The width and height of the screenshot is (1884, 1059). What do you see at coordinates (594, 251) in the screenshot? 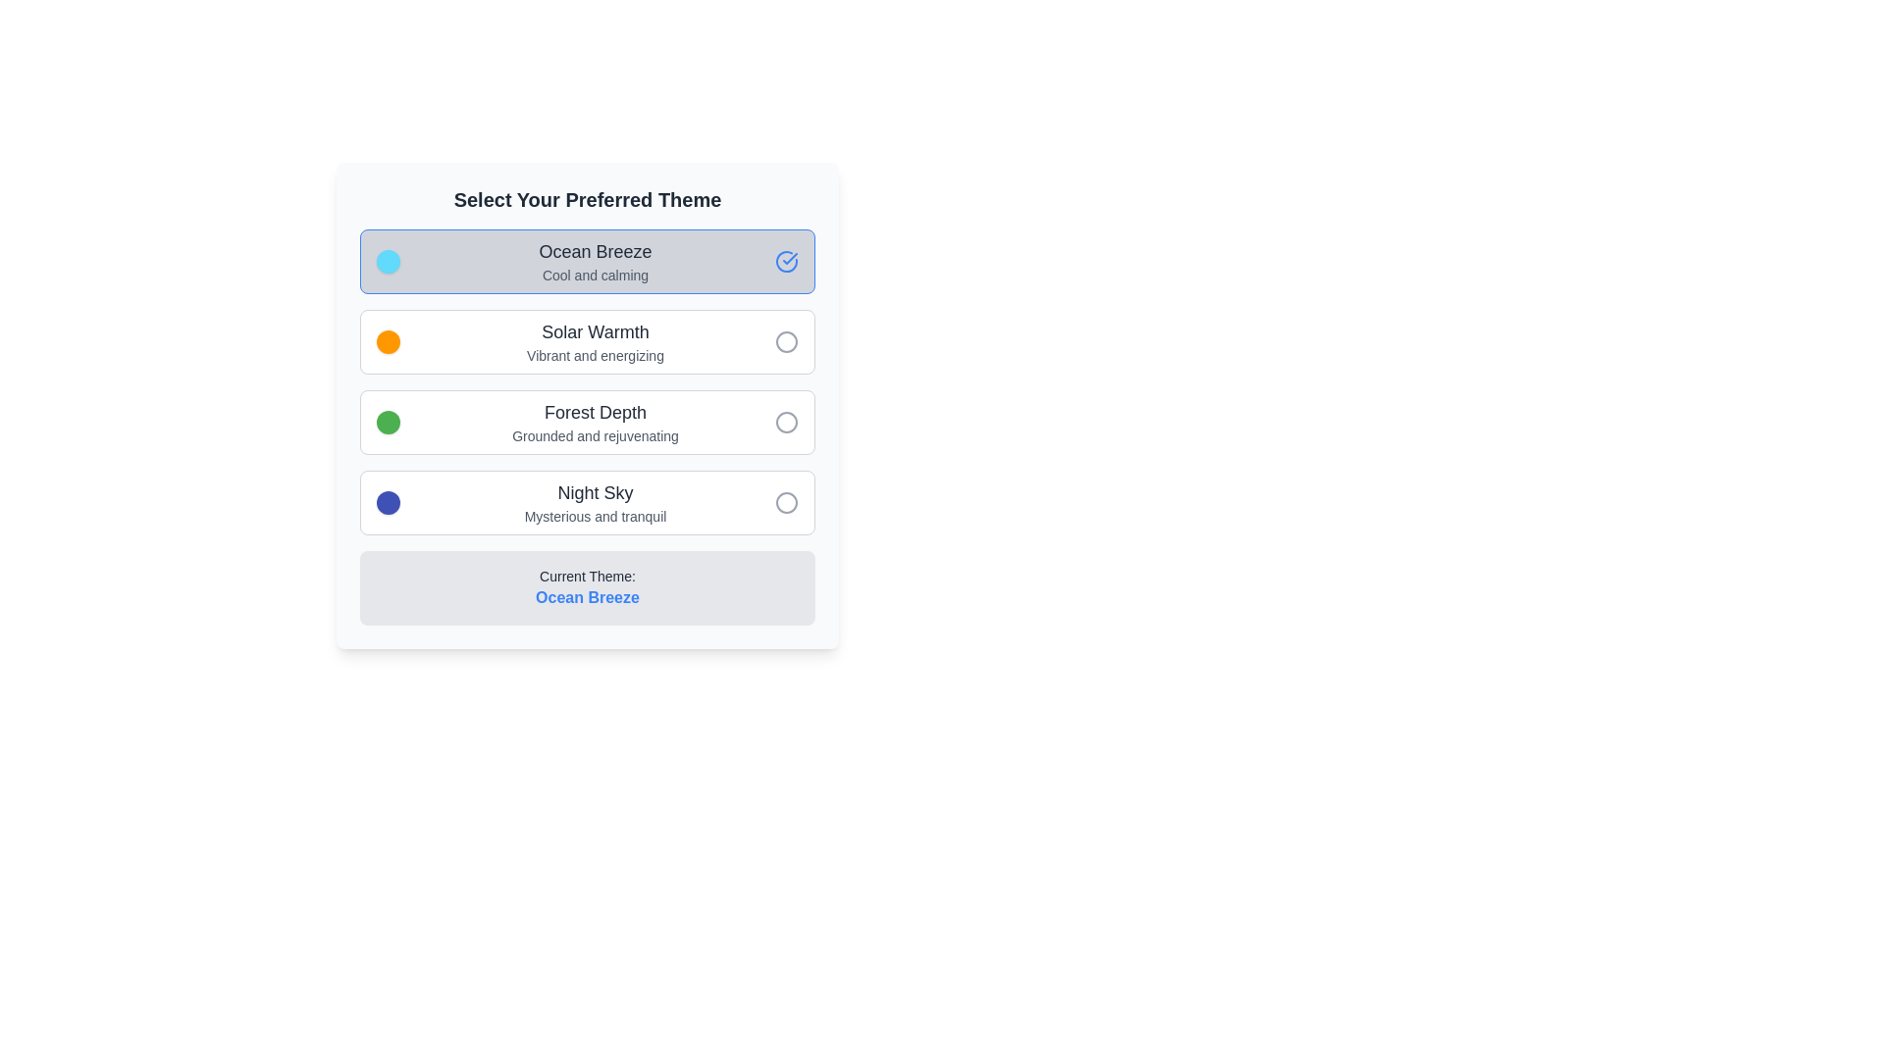
I see `the 'Ocean Breeze' theme title text label located at the top of the first theme option in the theme selection interface` at bounding box center [594, 251].